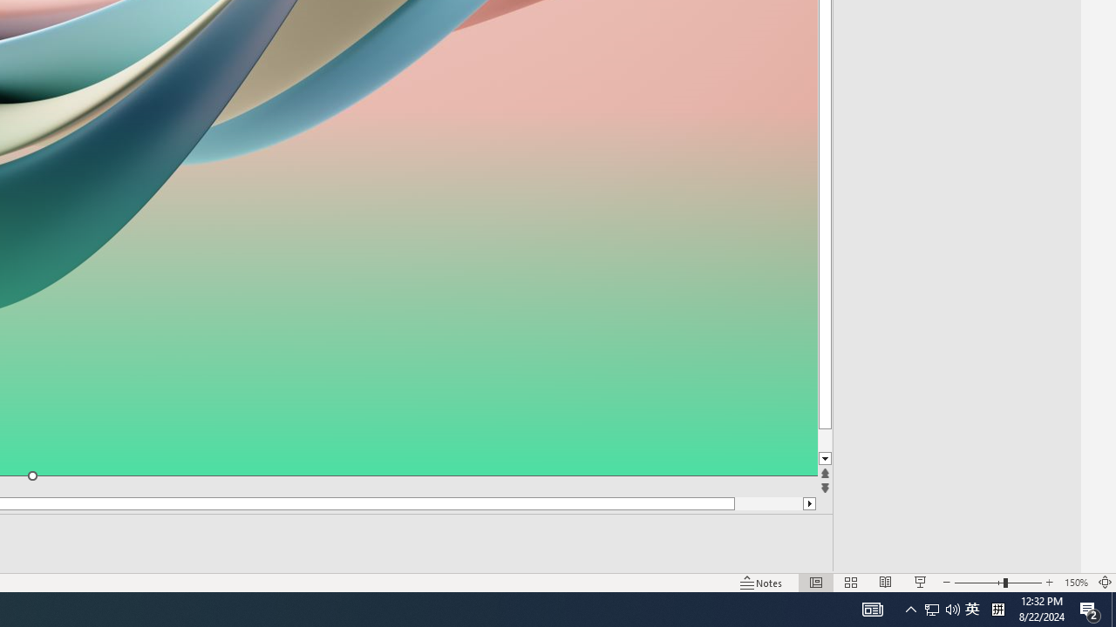 This screenshot has width=1116, height=627. What do you see at coordinates (920, 583) in the screenshot?
I see `'Slide Show'` at bounding box center [920, 583].